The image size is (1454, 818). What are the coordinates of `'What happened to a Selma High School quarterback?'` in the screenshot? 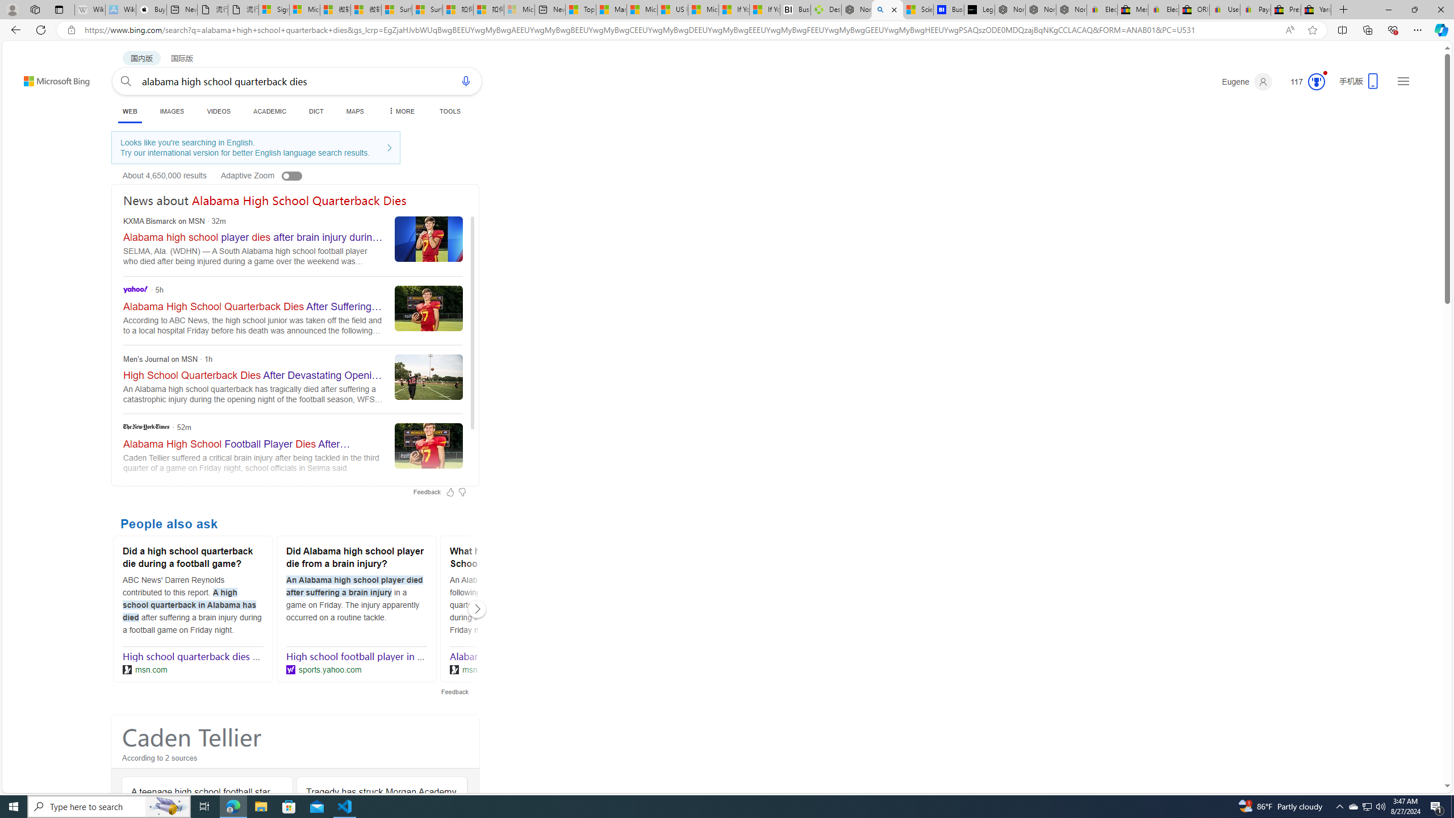 It's located at (519, 559).